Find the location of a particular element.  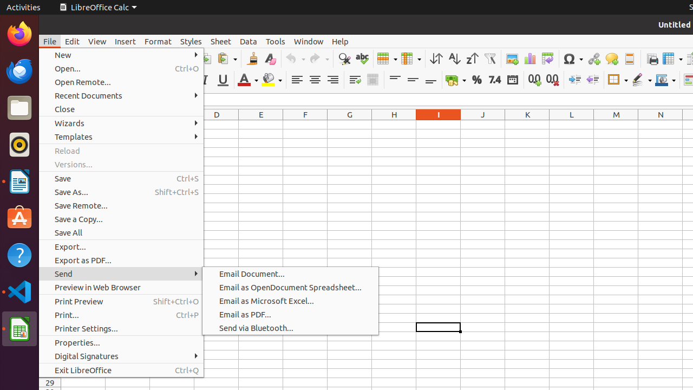

'Printer Settings...' is located at coordinates (121, 328).